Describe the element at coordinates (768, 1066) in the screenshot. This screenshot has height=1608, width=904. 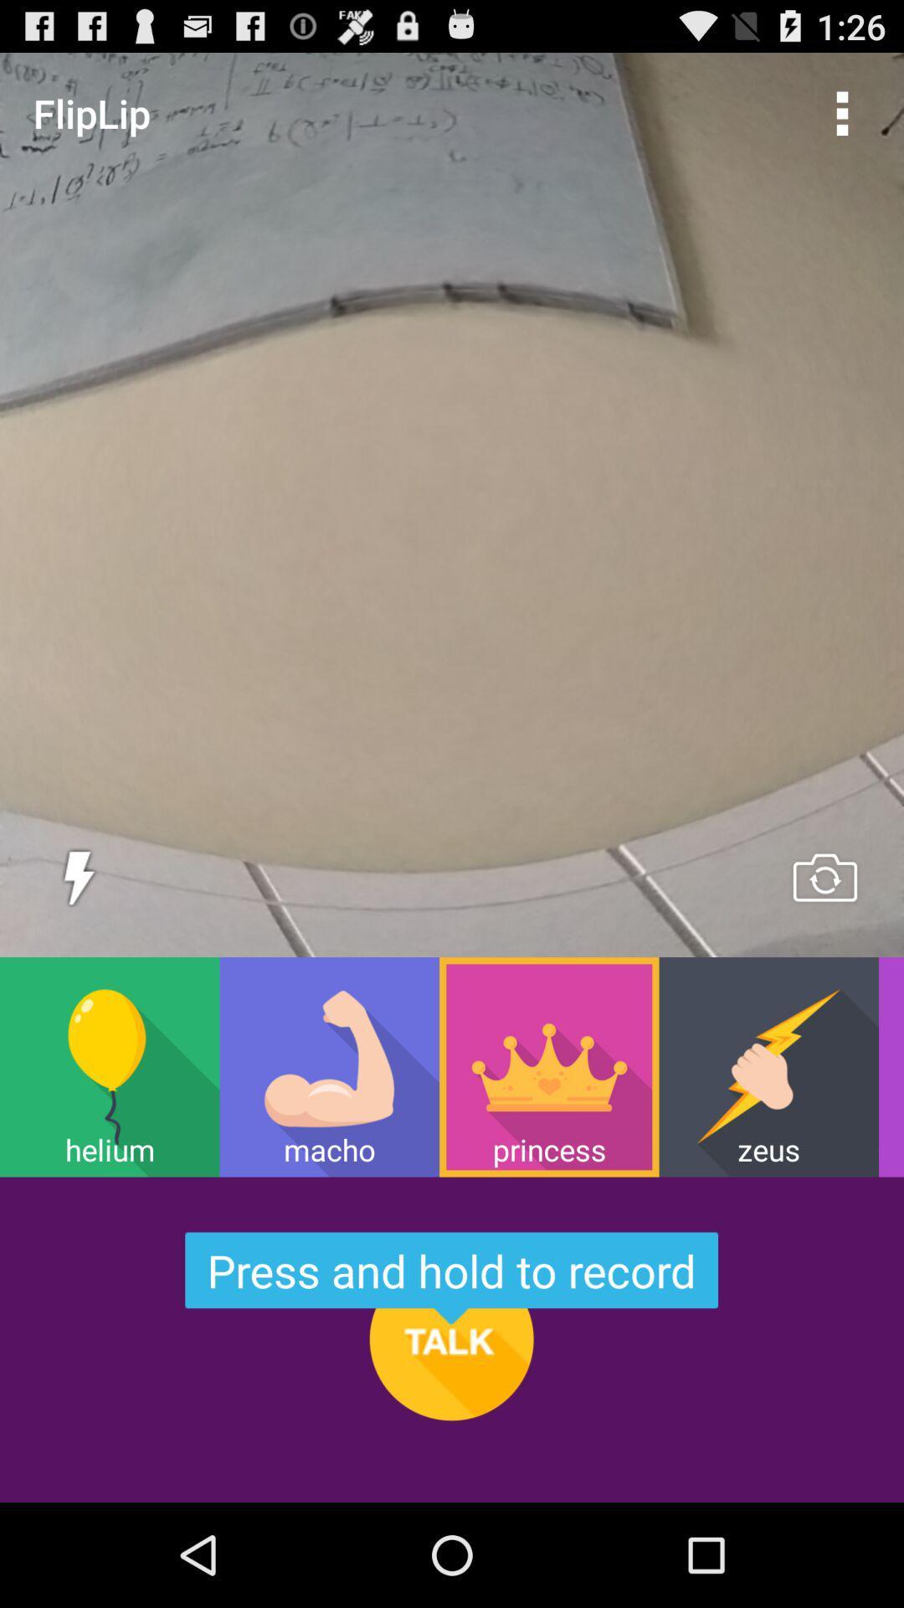
I see `the item next to princess item` at that location.